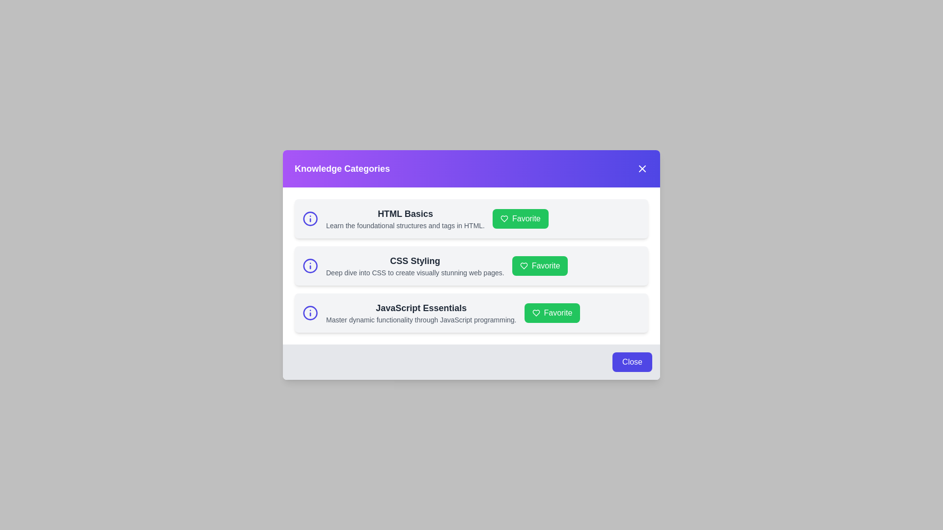  What do you see at coordinates (310, 218) in the screenshot?
I see `the information icon indicating availability of additional information related to 'HTML Basics', positioned to the left of the text in the first row` at bounding box center [310, 218].